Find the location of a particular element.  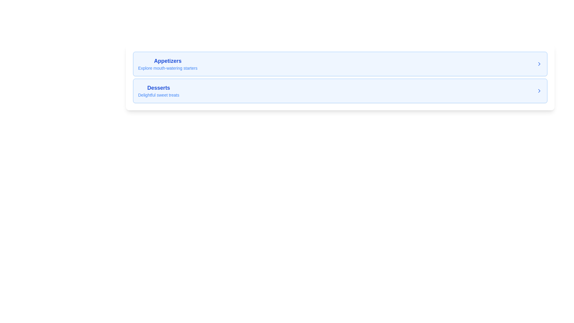

the rightmost icon within the 'Desserts' card is located at coordinates (539, 91).